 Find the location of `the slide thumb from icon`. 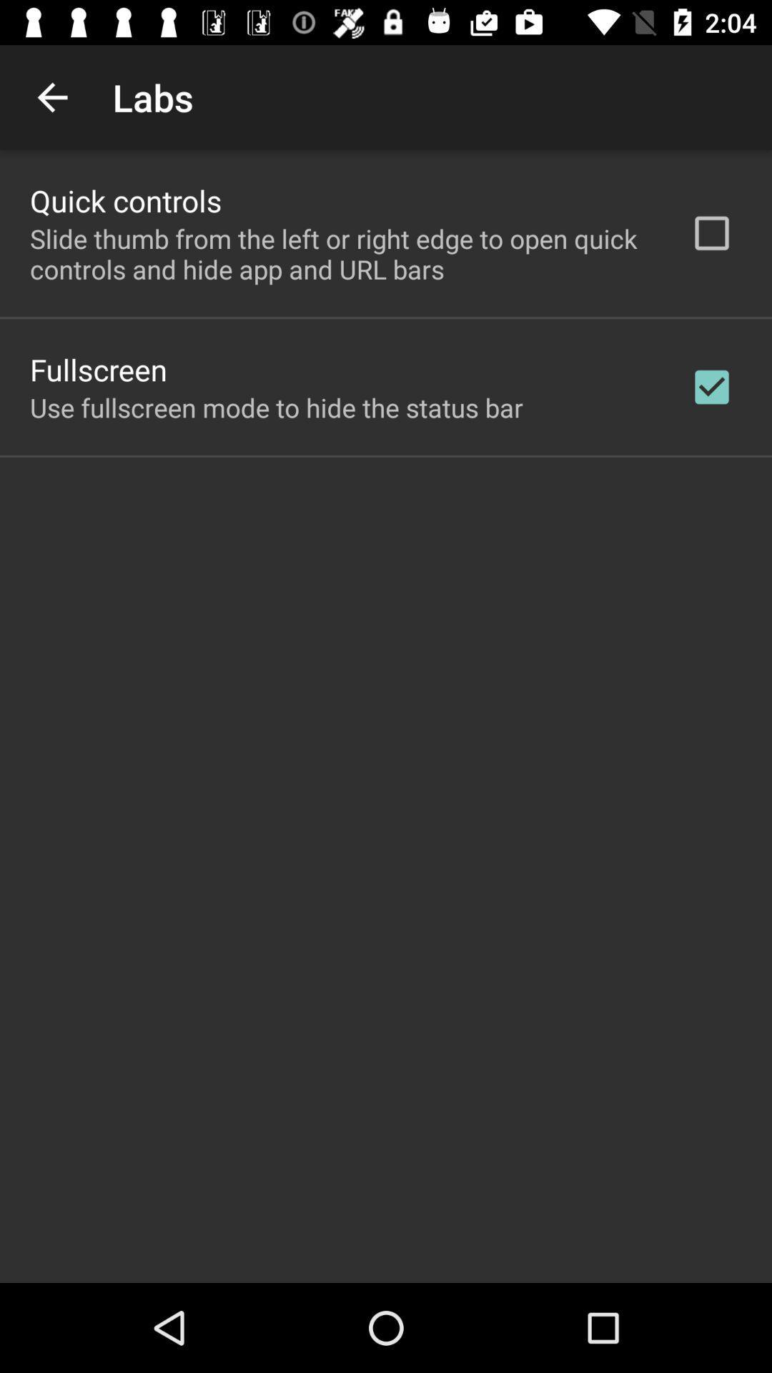

the slide thumb from icon is located at coordinates (341, 254).